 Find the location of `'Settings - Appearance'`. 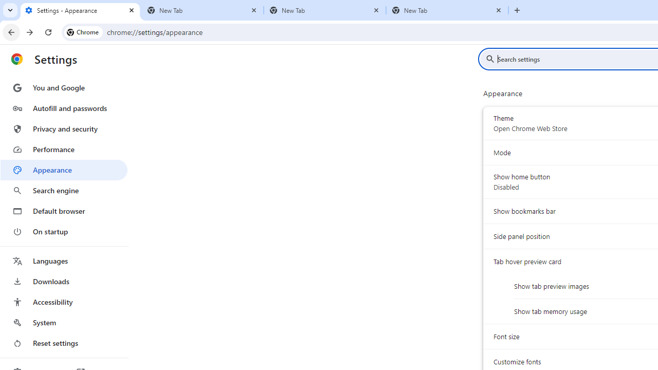

'Settings - Appearance' is located at coordinates (80, 10).